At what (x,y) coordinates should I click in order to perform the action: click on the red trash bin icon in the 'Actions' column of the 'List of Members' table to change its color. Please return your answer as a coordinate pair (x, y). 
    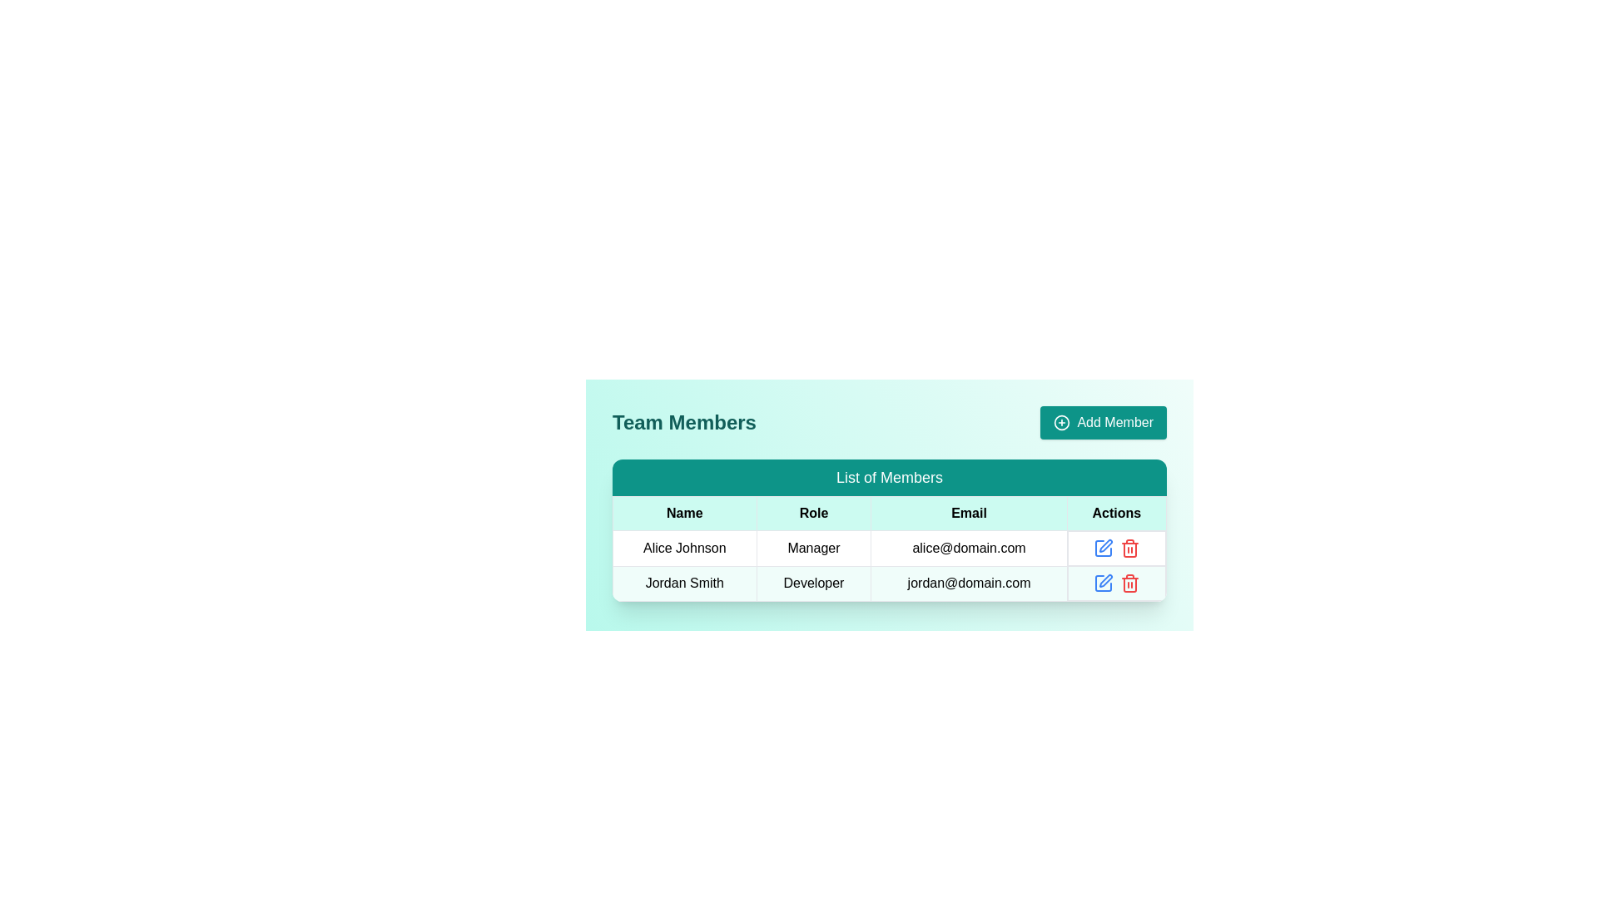
    Looking at the image, I should click on (1129, 549).